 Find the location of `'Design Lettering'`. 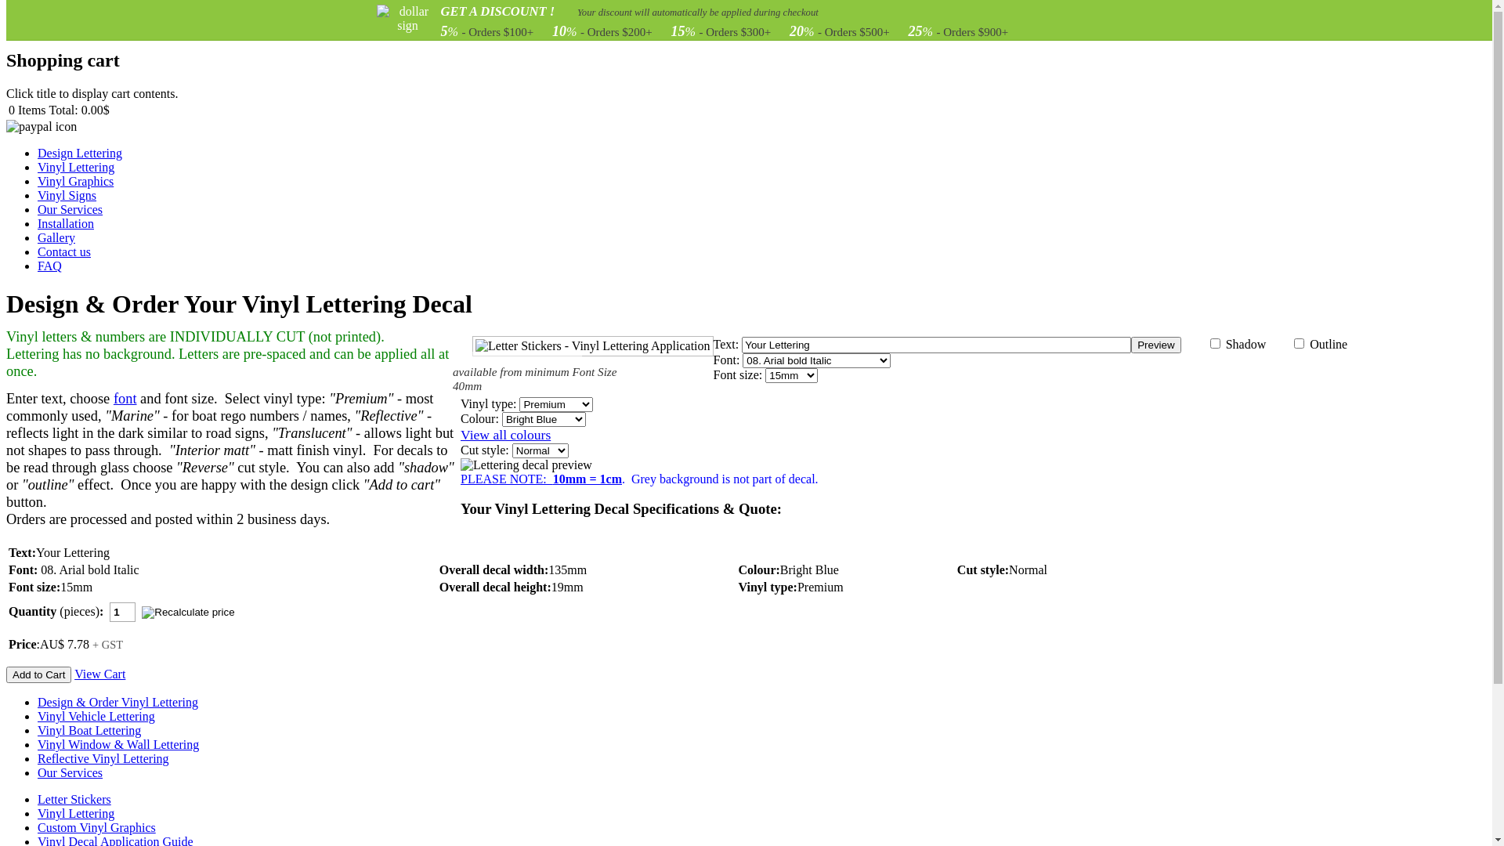

'Design Lettering' is located at coordinates (78, 153).